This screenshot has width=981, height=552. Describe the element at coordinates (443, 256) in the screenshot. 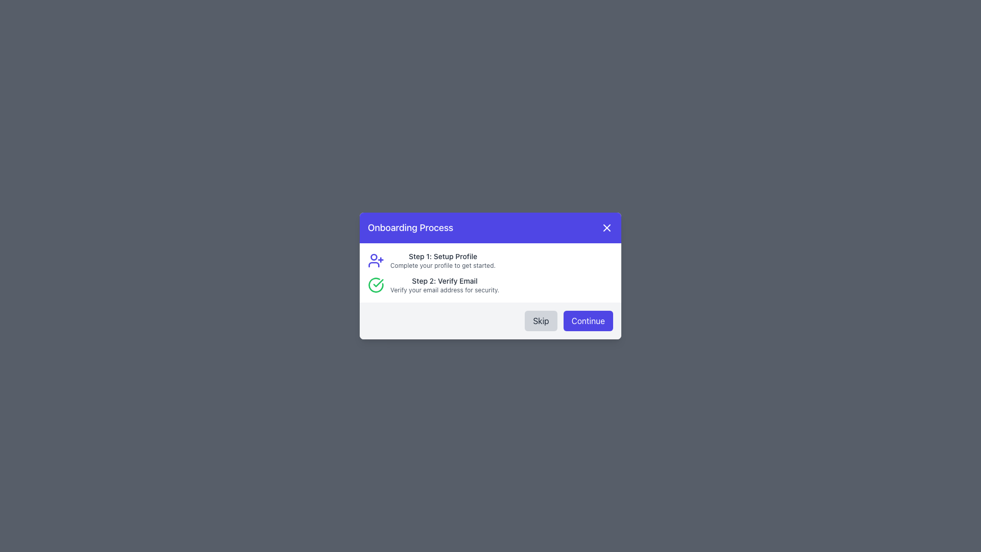

I see `the Text Label indicating the first step in the onboarding process, located in the top-left quadrant of the modal dialog titled 'Onboarding Process'` at that location.